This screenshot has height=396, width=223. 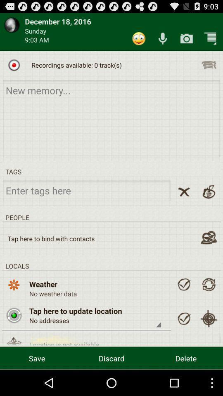 I want to click on for rotation, so click(x=208, y=284).